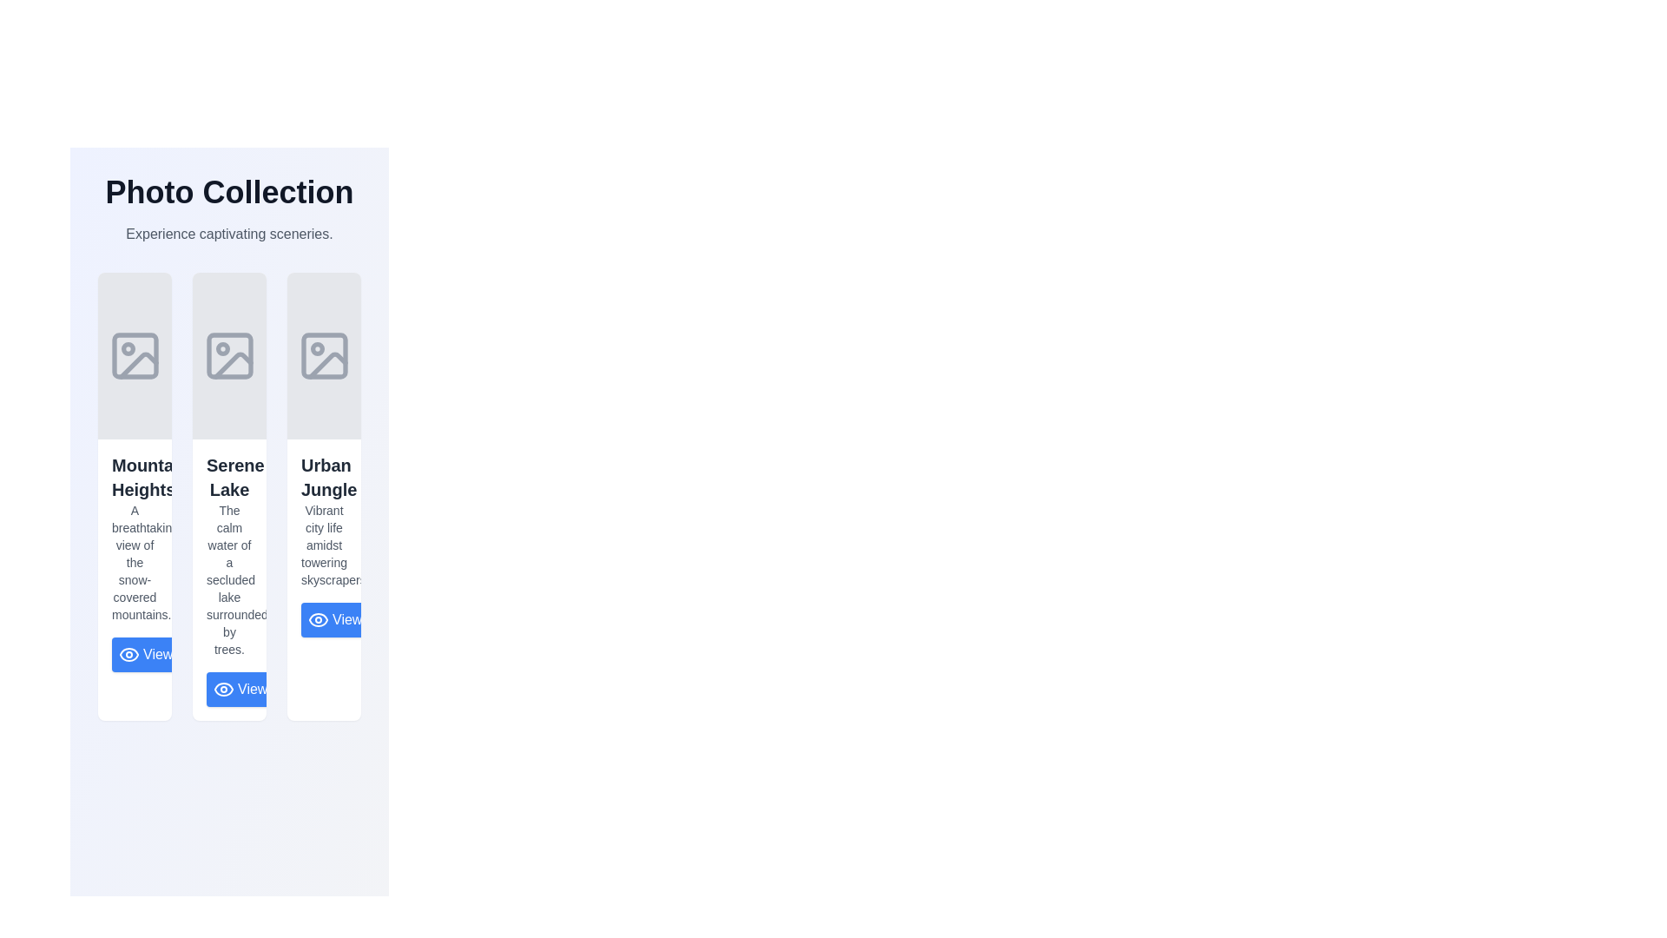 Image resolution: width=1667 pixels, height=938 pixels. Describe the element at coordinates (134, 563) in the screenshot. I see `the multi-line text block displaying 'A breathtaking view of the snow-covered mountains.' located beneath the title in the 'Mountain Heights' card` at that location.